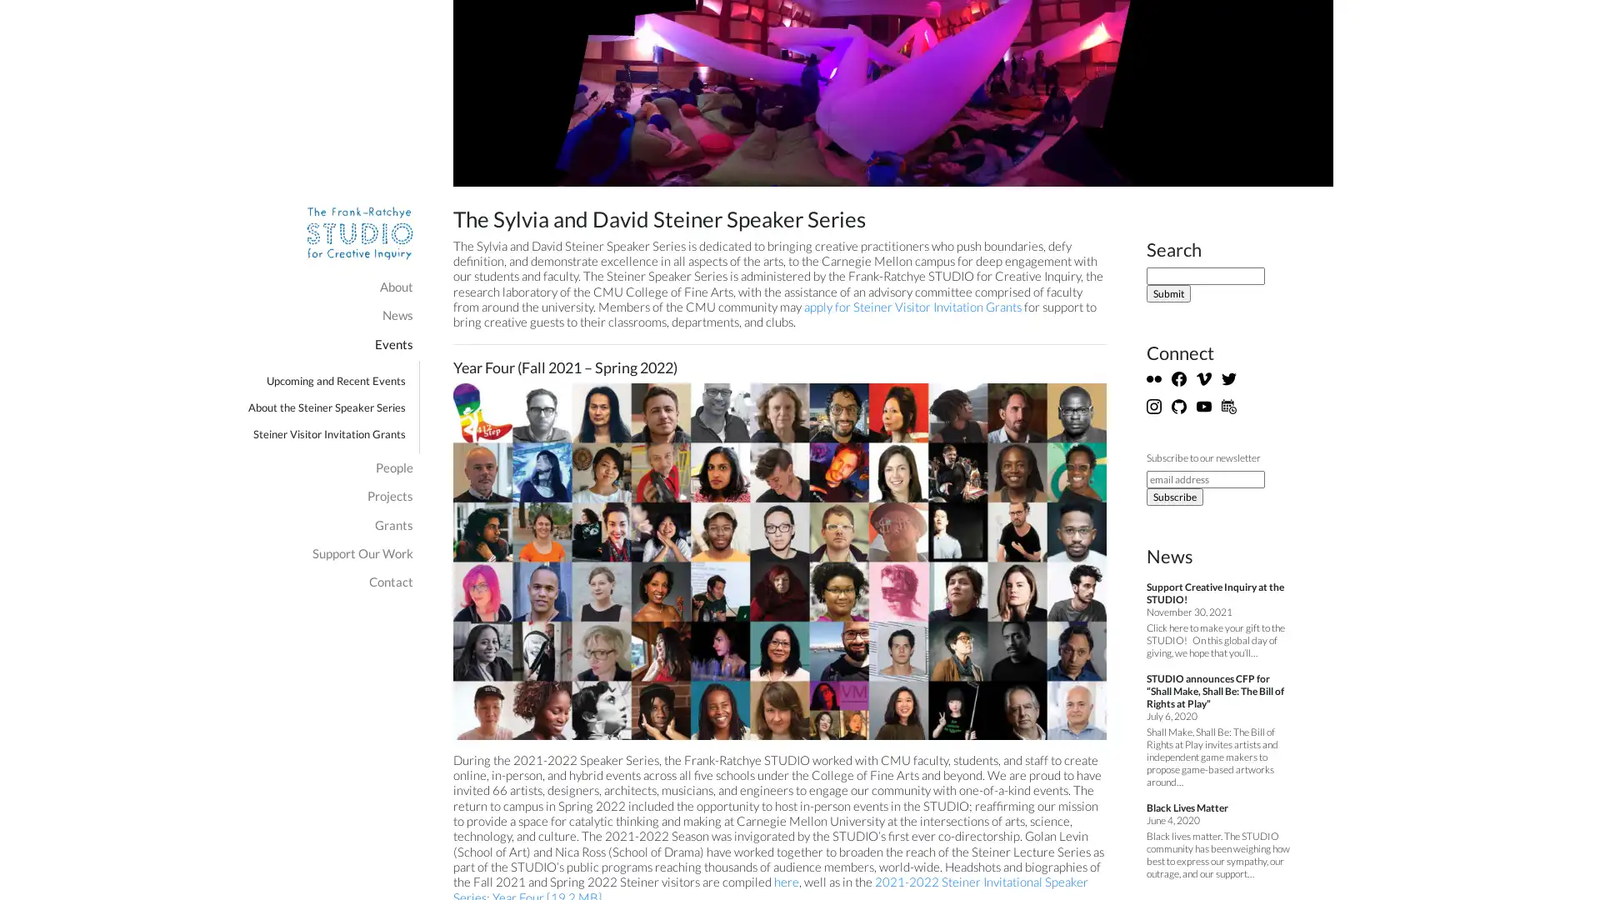 This screenshot has width=1600, height=900. What do you see at coordinates (1167, 292) in the screenshot?
I see `Submit` at bounding box center [1167, 292].